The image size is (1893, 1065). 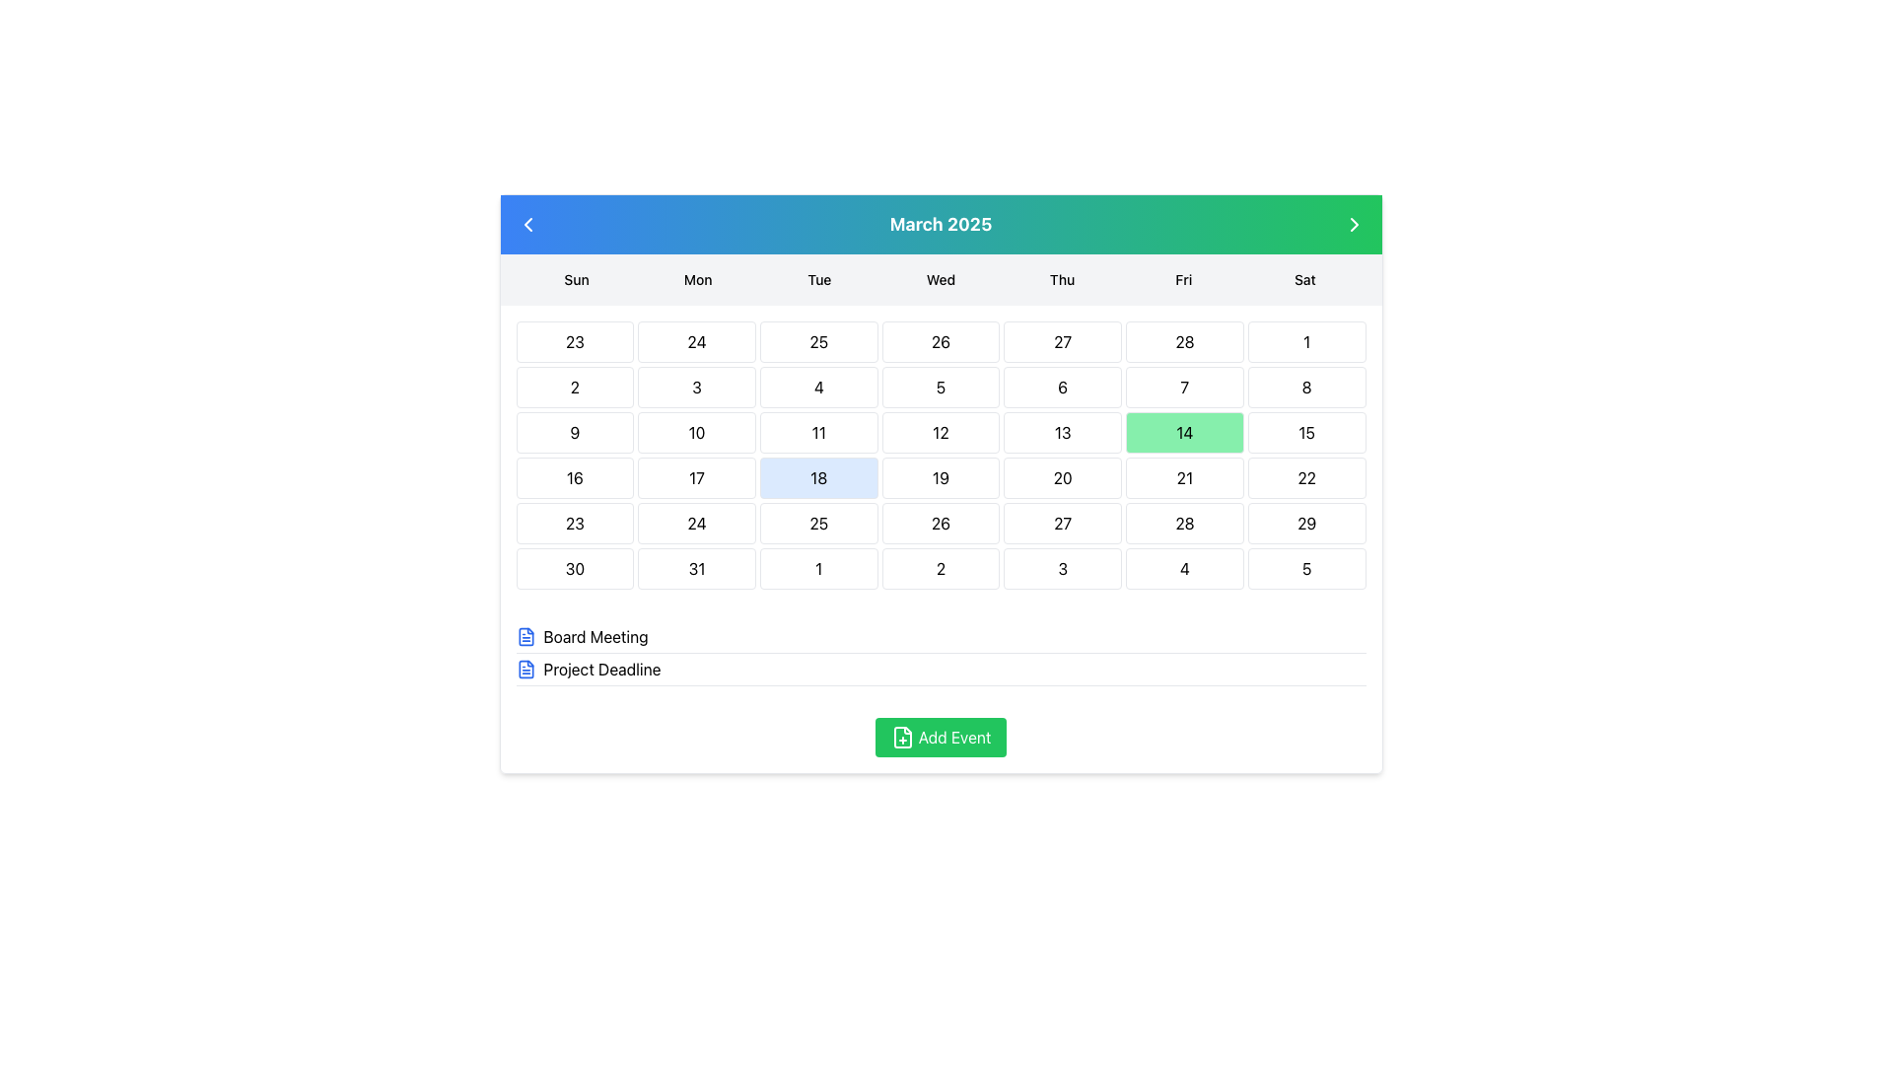 I want to click on text of the label indicating 'Monday' in the weekly calendar view header, positioned between 'Sun' and 'Tue', so click(x=698, y=280).